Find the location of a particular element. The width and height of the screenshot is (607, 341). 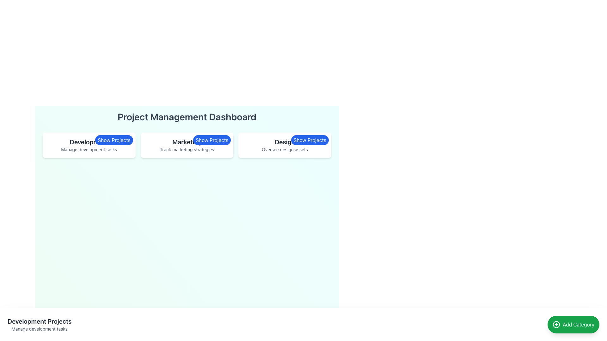

the non-interactive descriptive subtitle text label for the 'Development Projects' section, located directly beneath the heading is located at coordinates (39, 328).